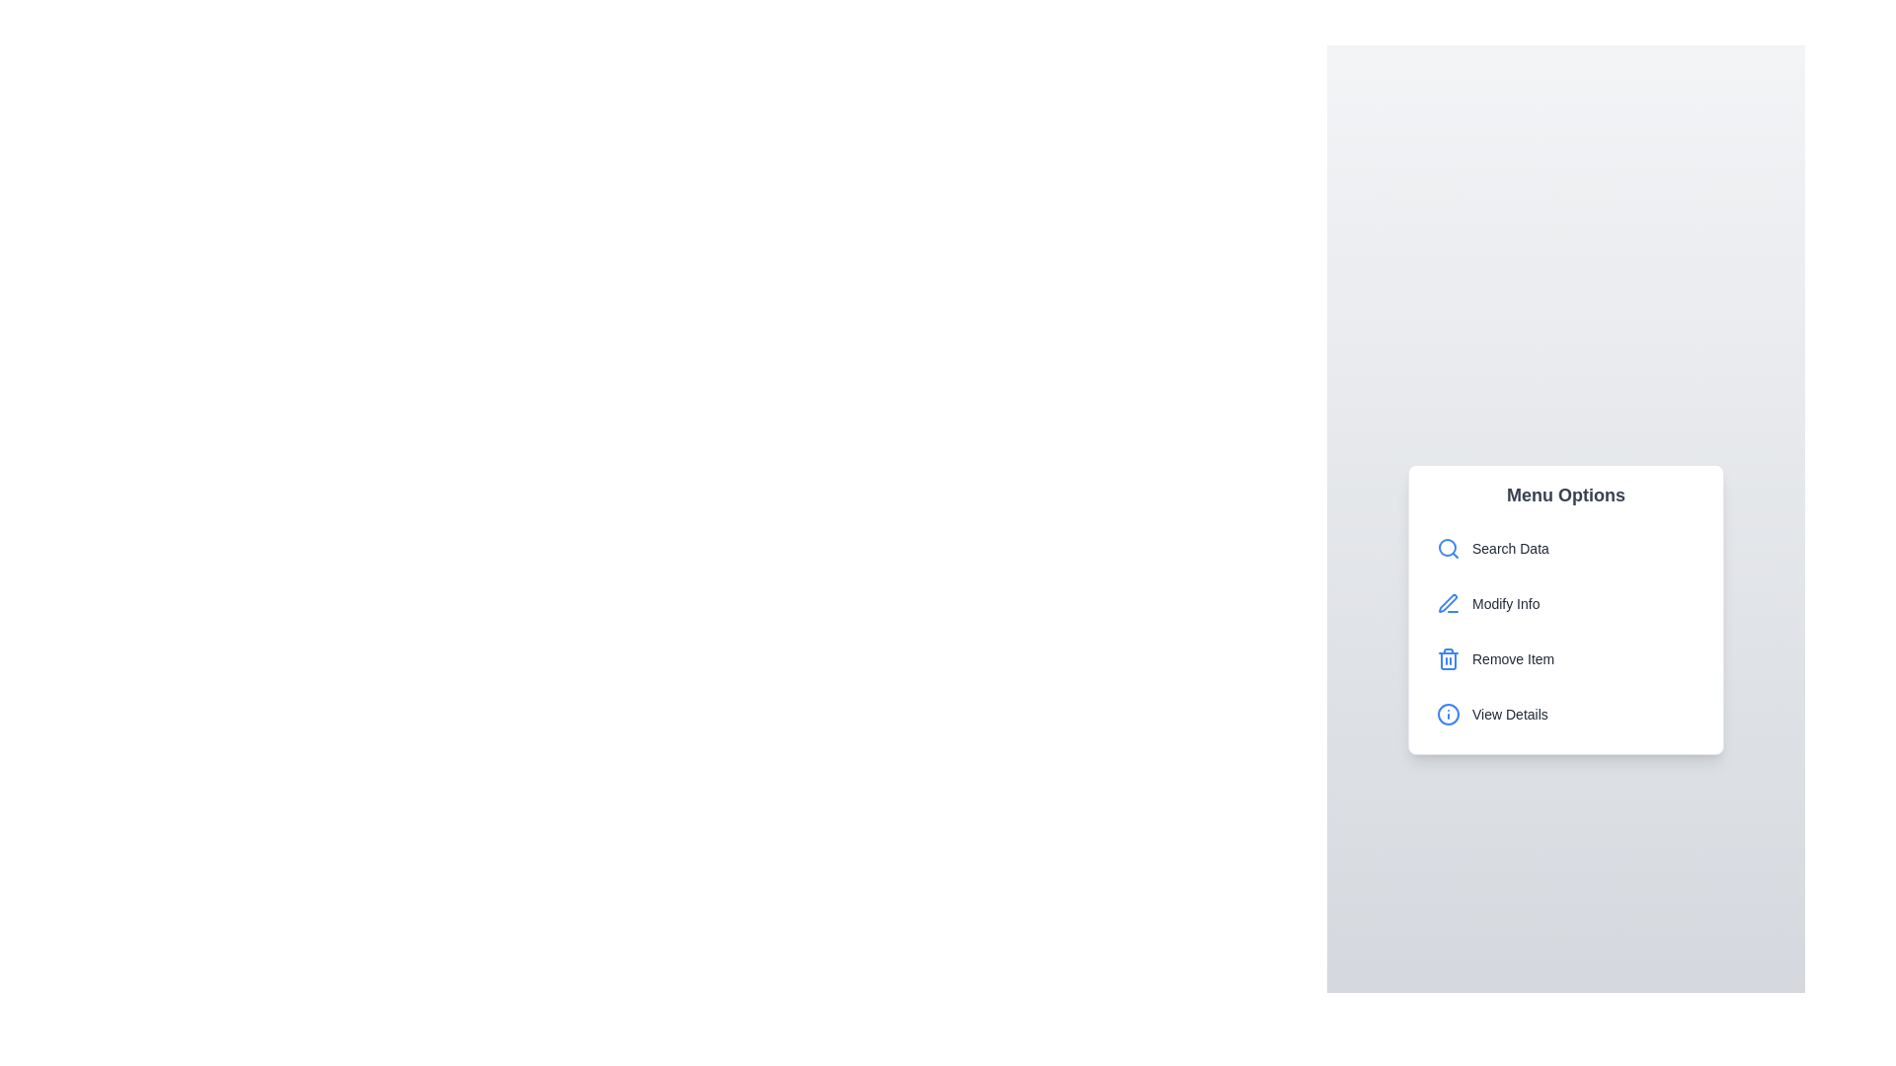 Image resolution: width=1896 pixels, height=1066 pixels. I want to click on the first menu item under the 'Menu Options' section, so click(1564, 548).